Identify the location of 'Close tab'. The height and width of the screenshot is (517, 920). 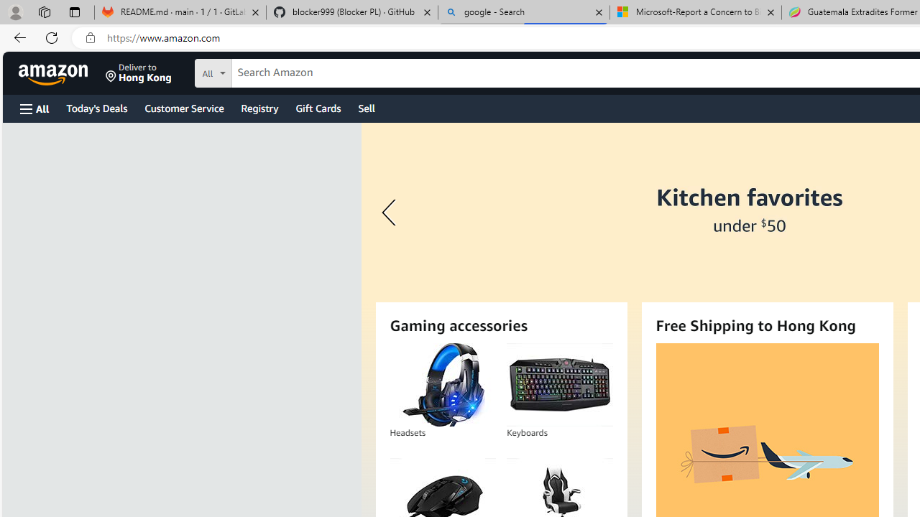
(770, 12).